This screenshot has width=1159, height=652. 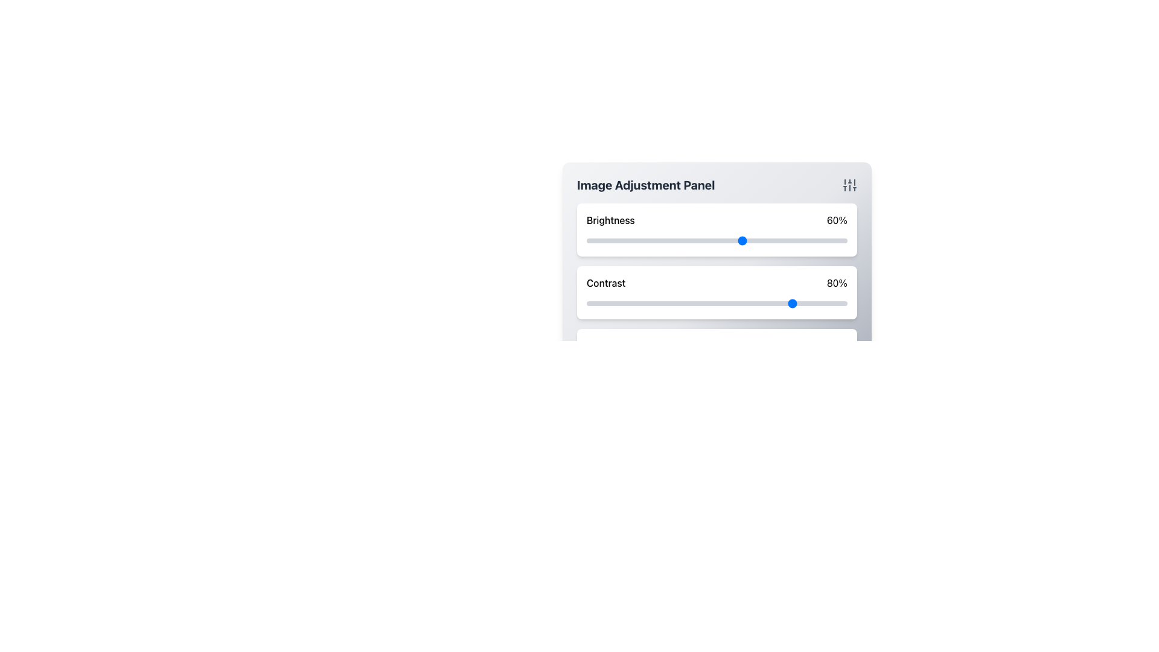 What do you see at coordinates (831, 240) in the screenshot?
I see `the brightness` at bounding box center [831, 240].